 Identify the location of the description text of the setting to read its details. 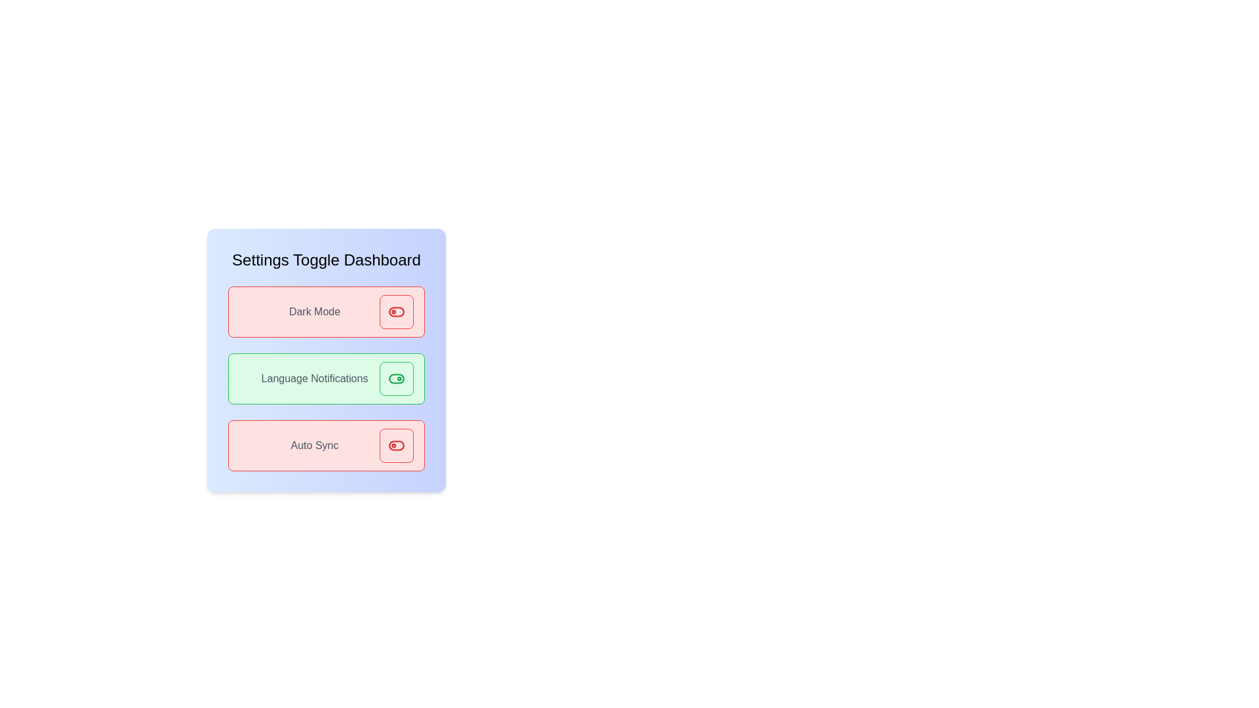
(315, 311).